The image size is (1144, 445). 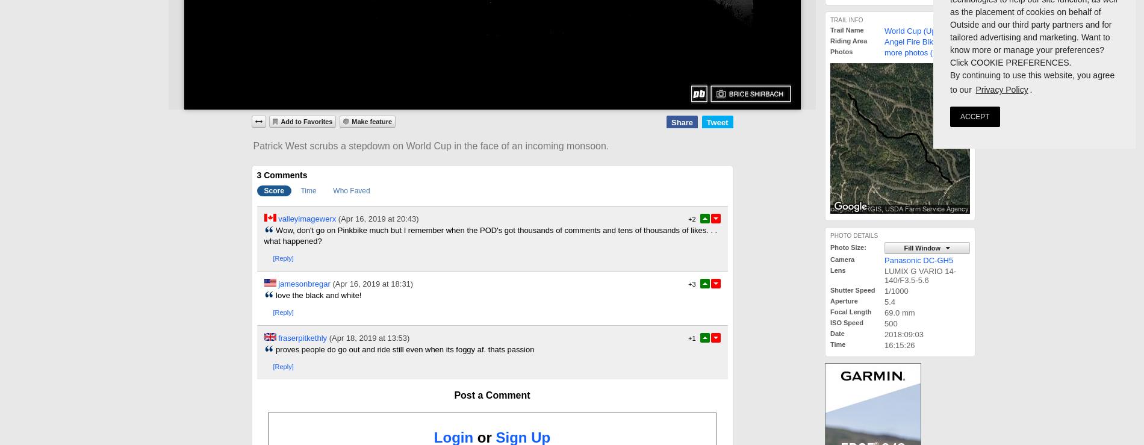 What do you see at coordinates (368, 337) in the screenshot?
I see `'(Apr 18, 2019 at 13:53)'` at bounding box center [368, 337].